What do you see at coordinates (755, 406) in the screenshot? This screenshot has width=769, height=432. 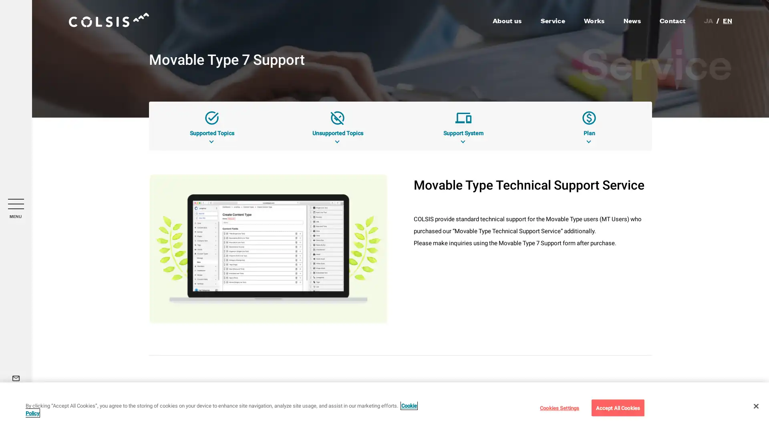 I see `Close` at bounding box center [755, 406].